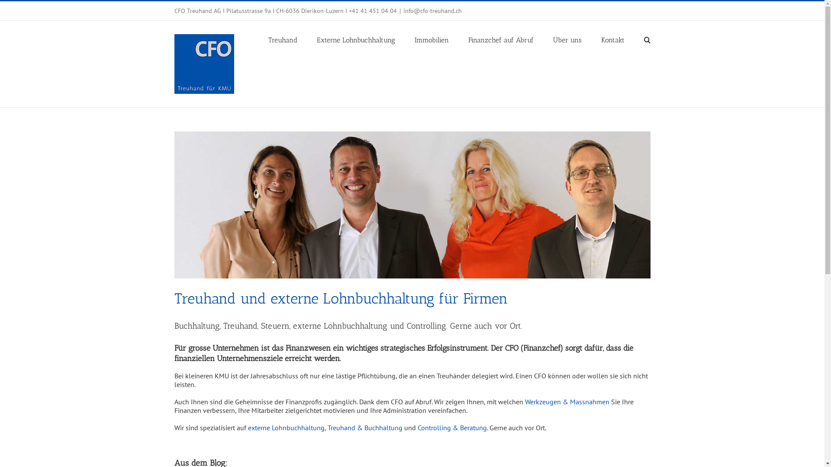 The height and width of the screenshot is (467, 831). Describe the element at coordinates (432, 39) in the screenshot. I see `'Immobilien'` at that location.